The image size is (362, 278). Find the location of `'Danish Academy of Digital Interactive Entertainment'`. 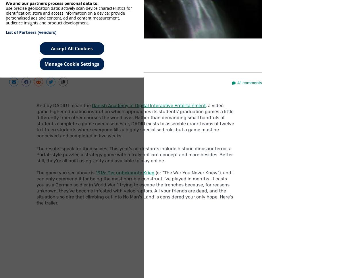

'Danish Academy of Digital Interactive Entertainment' is located at coordinates (149, 105).